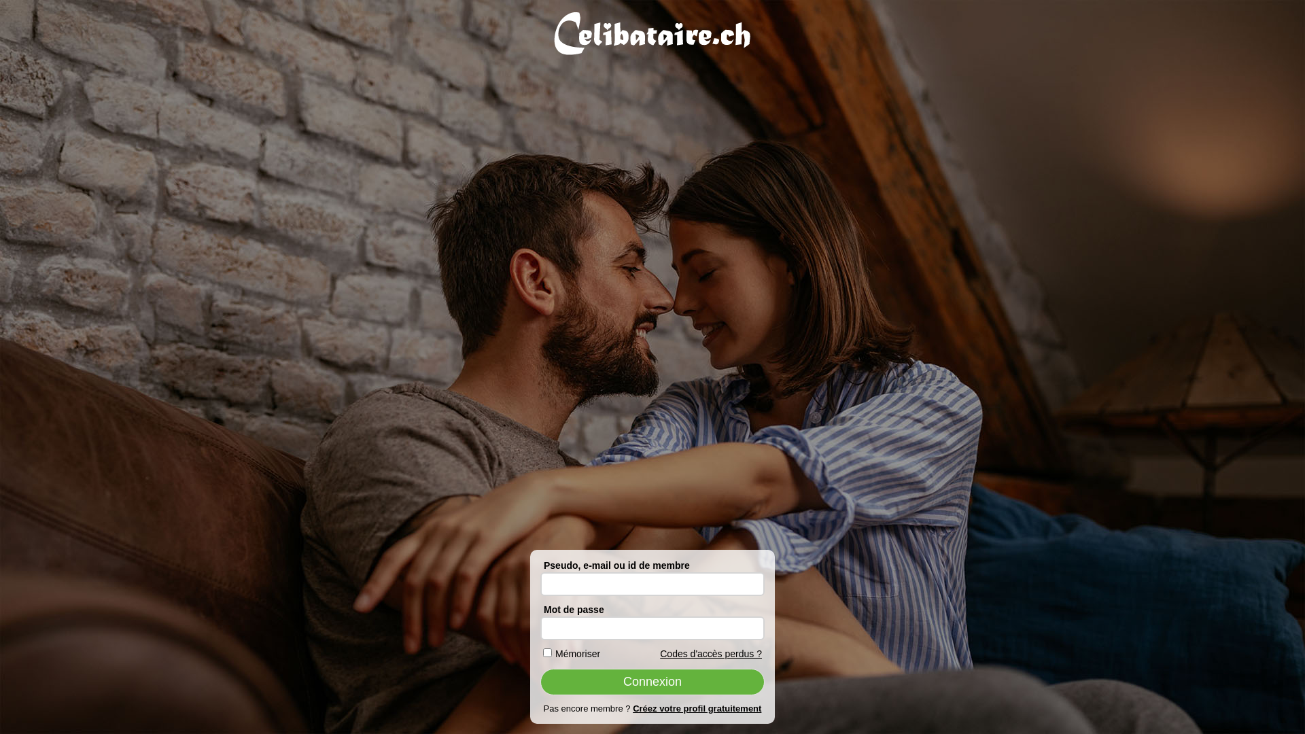 This screenshot has width=1305, height=734. I want to click on 'Connexion', so click(652, 682).